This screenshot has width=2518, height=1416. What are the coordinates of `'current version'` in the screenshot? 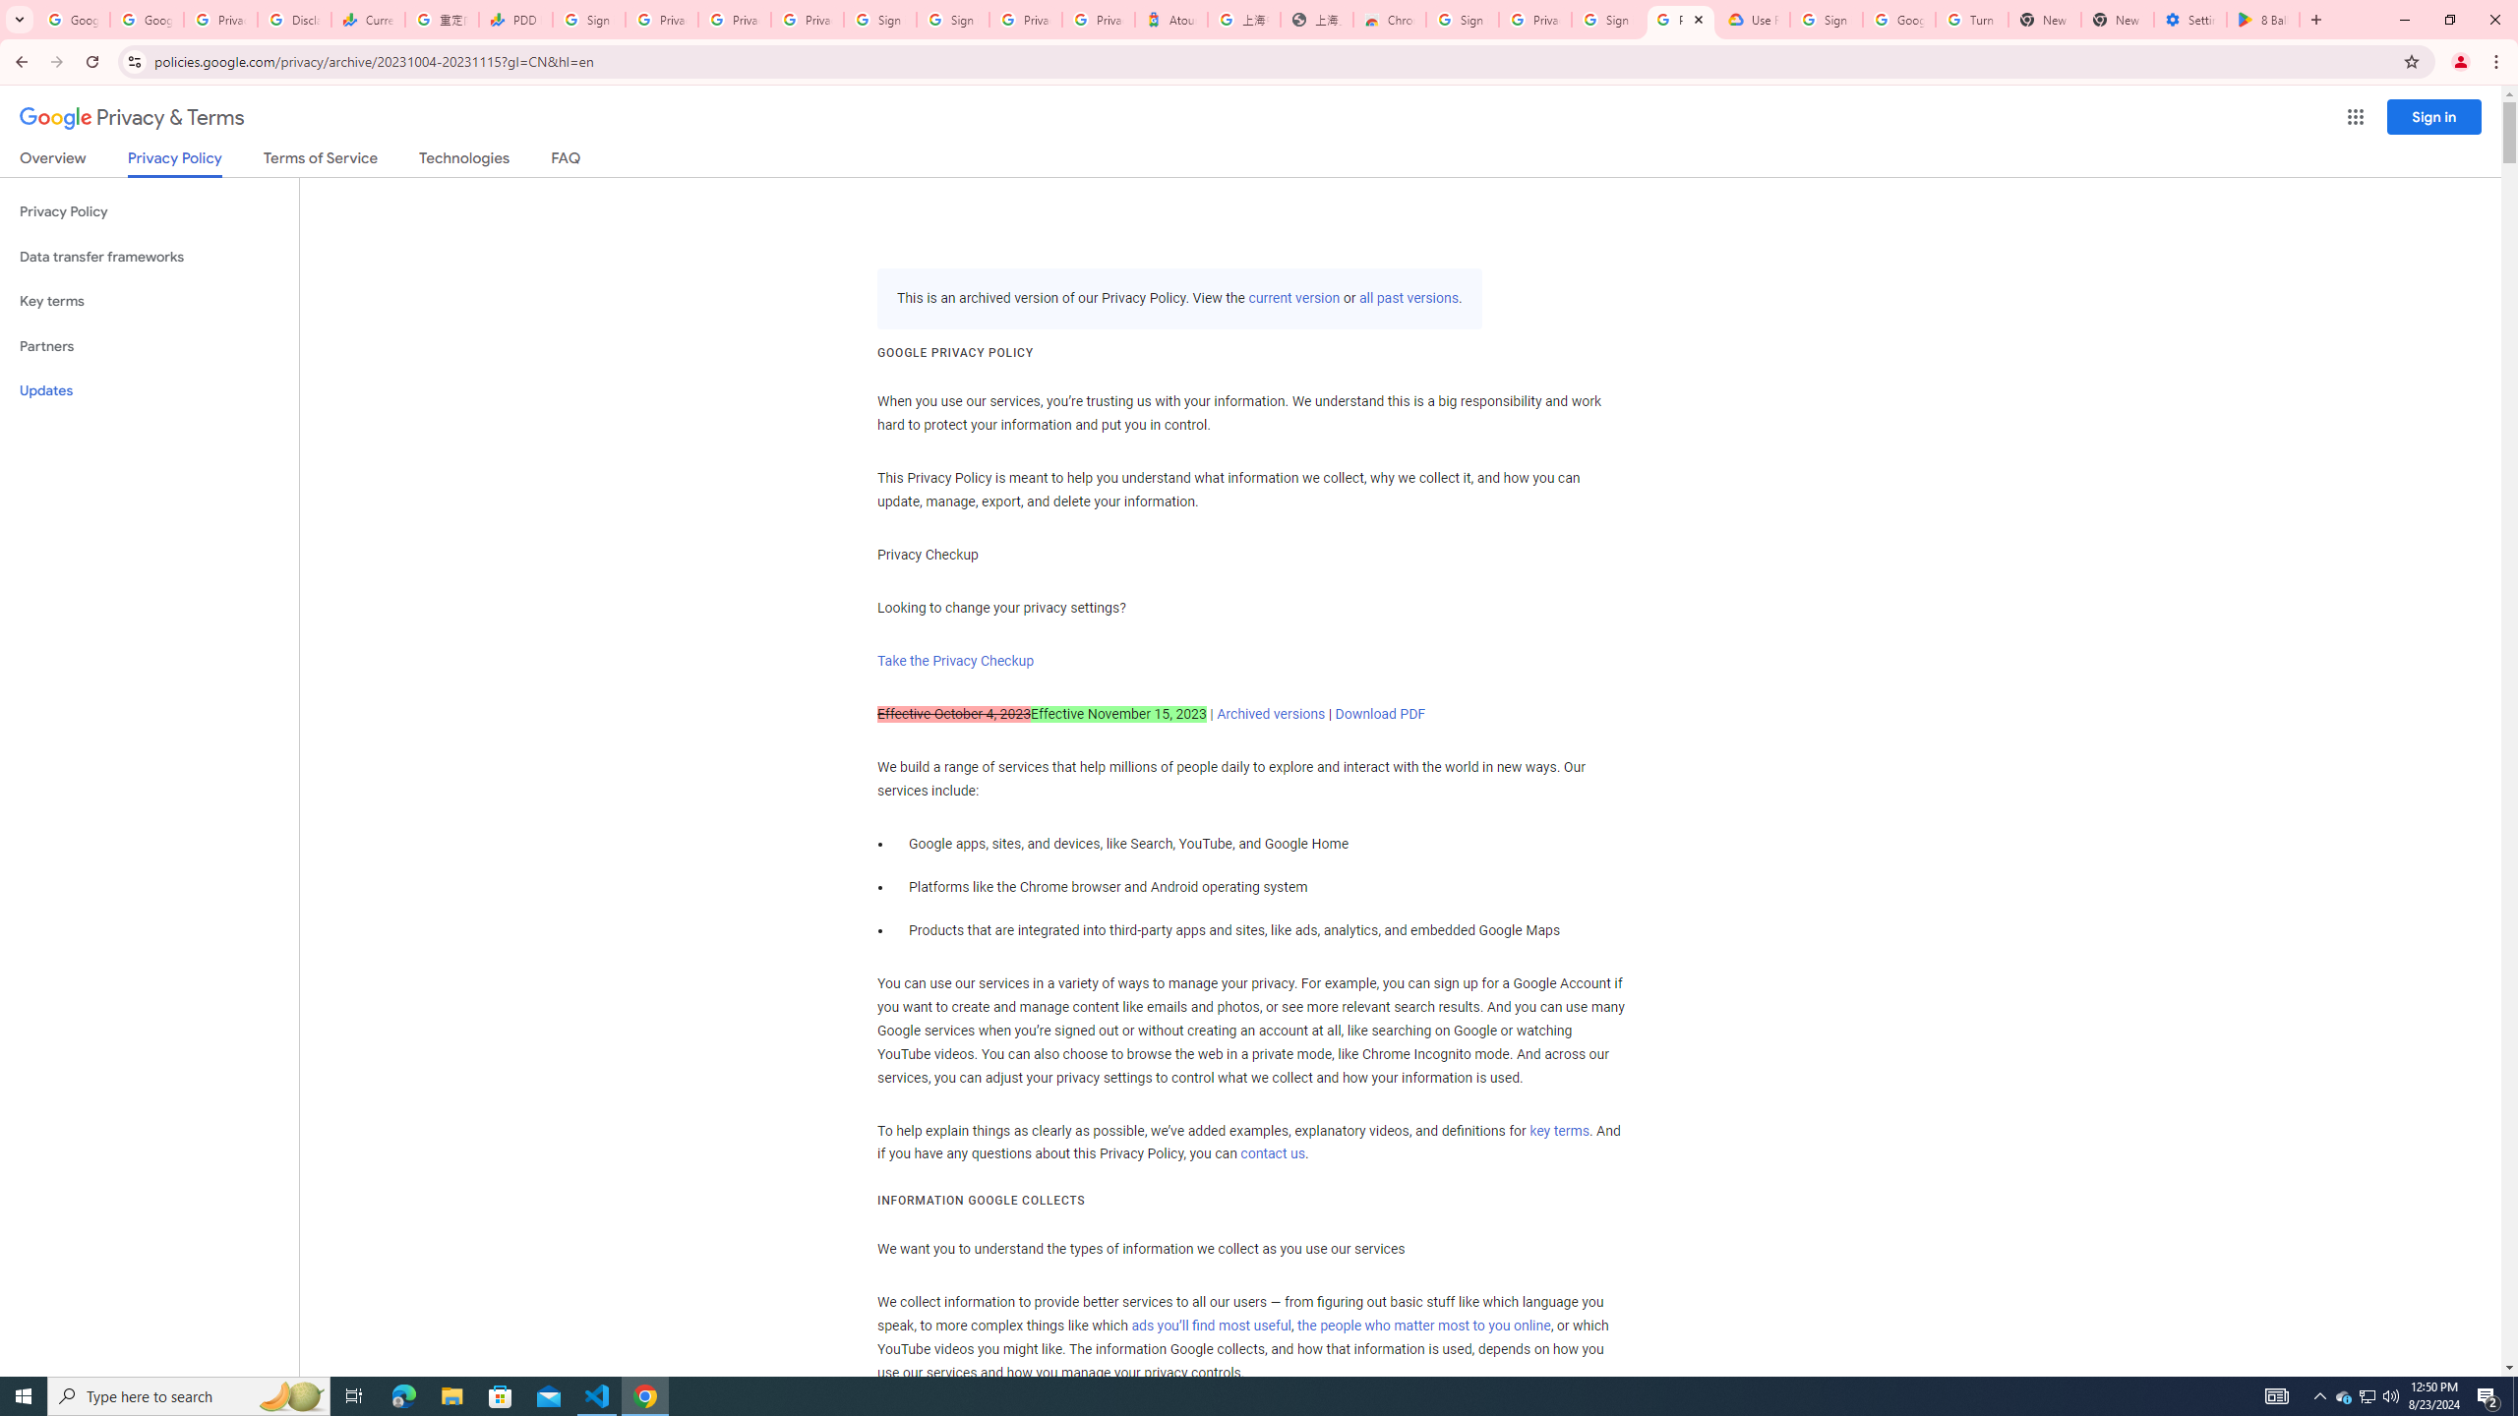 It's located at (1292, 297).